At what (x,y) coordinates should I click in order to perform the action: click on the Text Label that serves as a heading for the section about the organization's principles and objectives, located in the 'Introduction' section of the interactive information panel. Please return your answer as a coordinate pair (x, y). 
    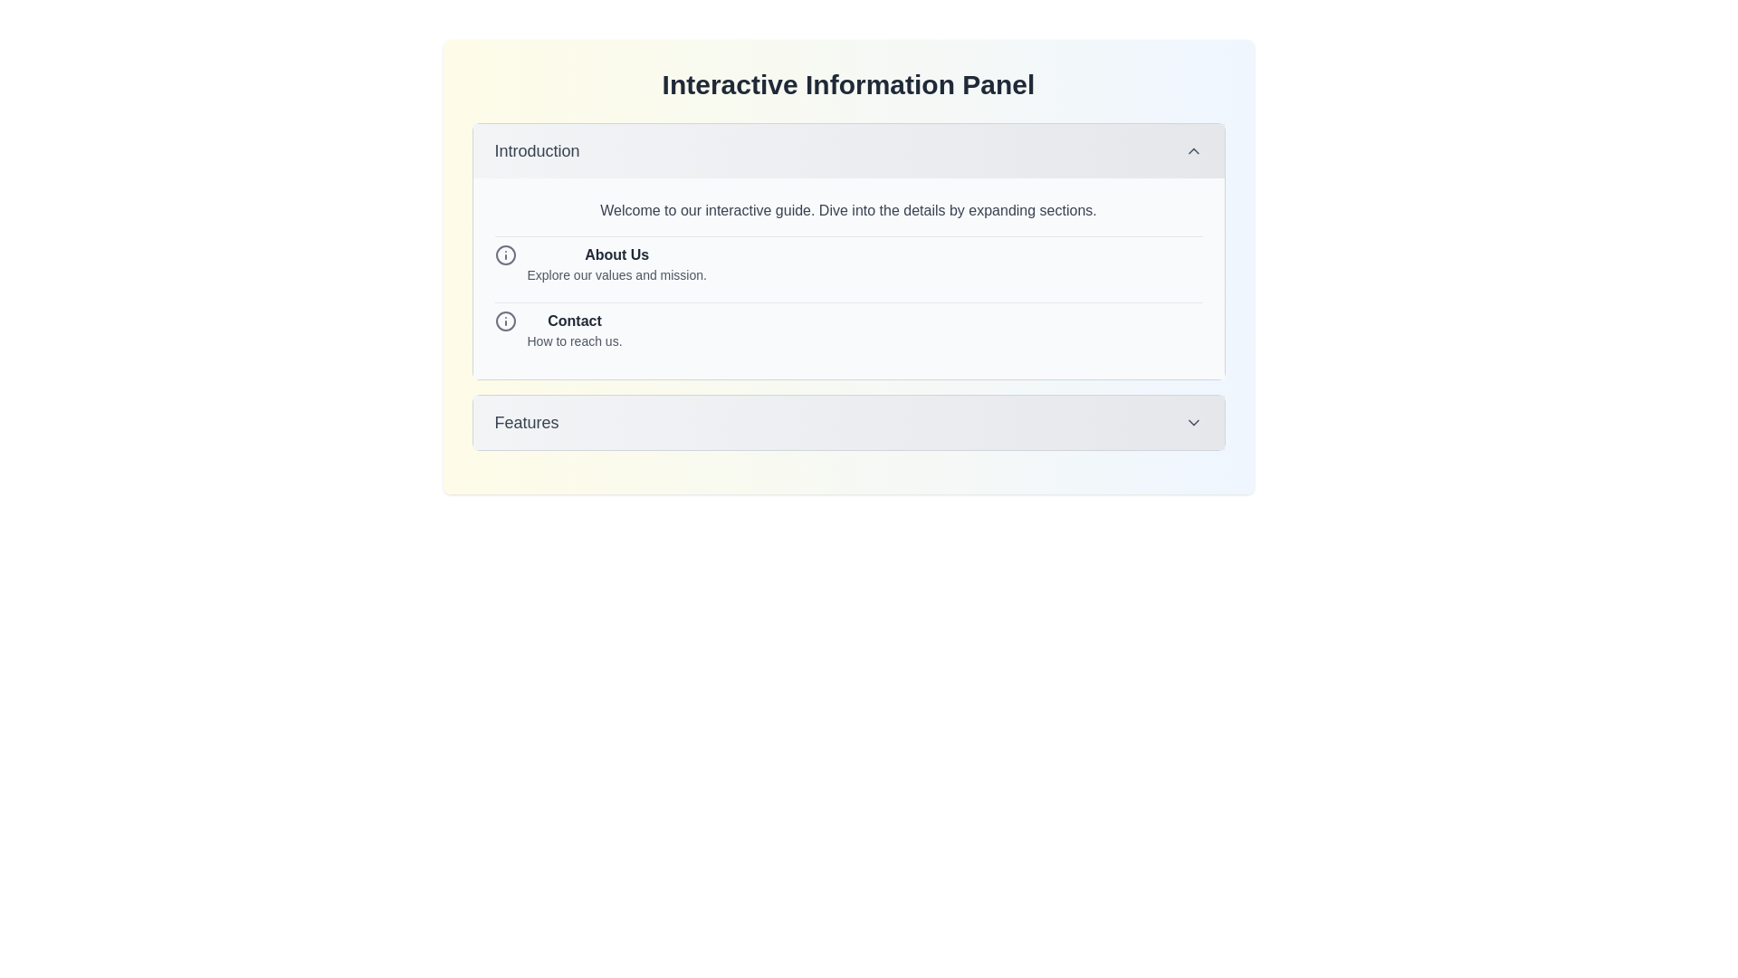
    Looking at the image, I should click on (616, 254).